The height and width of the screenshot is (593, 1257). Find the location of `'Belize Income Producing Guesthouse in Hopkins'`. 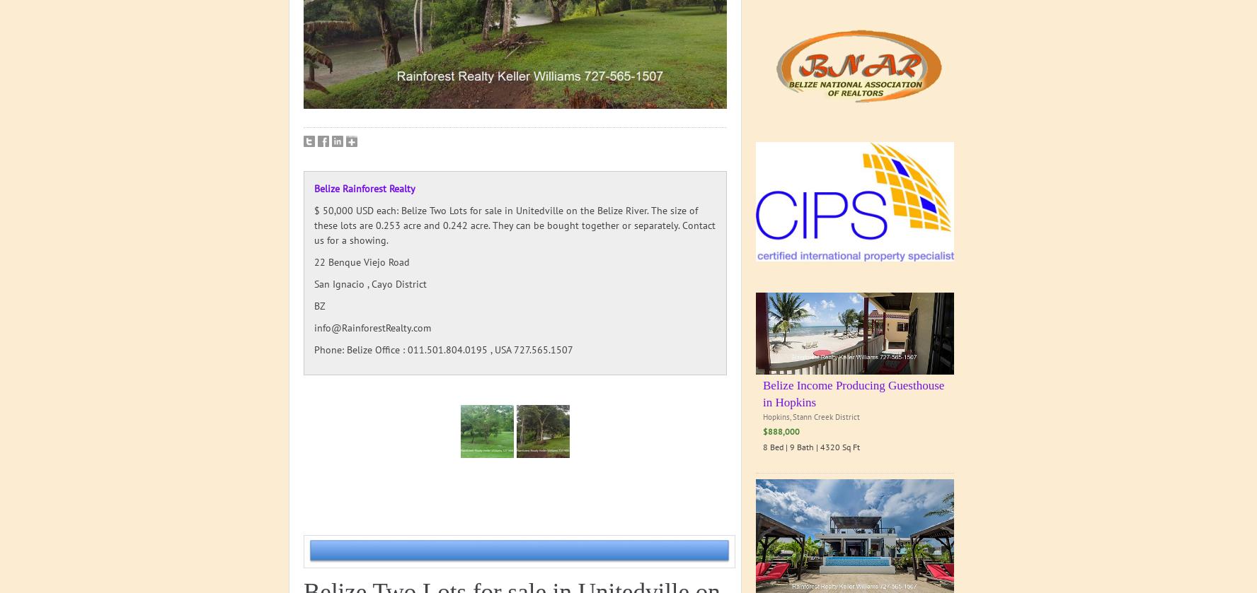

'Belize Income Producing Guesthouse in Hopkins' is located at coordinates (762, 392).